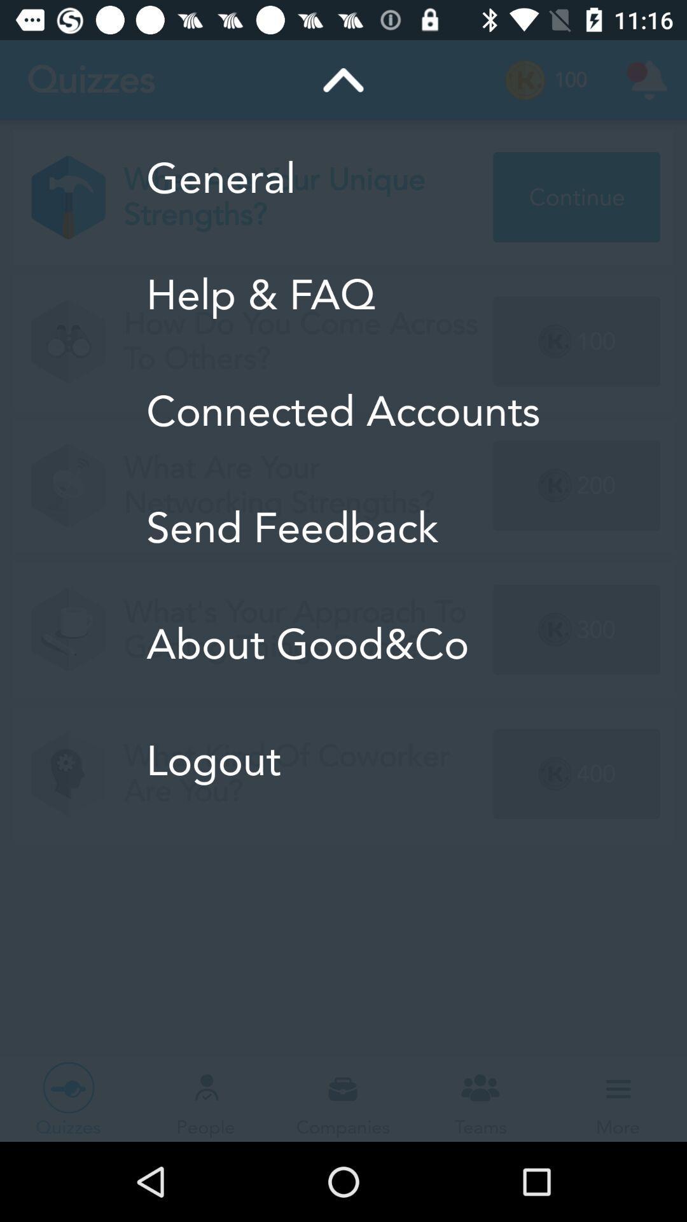  I want to click on the general icon, so click(342, 178).